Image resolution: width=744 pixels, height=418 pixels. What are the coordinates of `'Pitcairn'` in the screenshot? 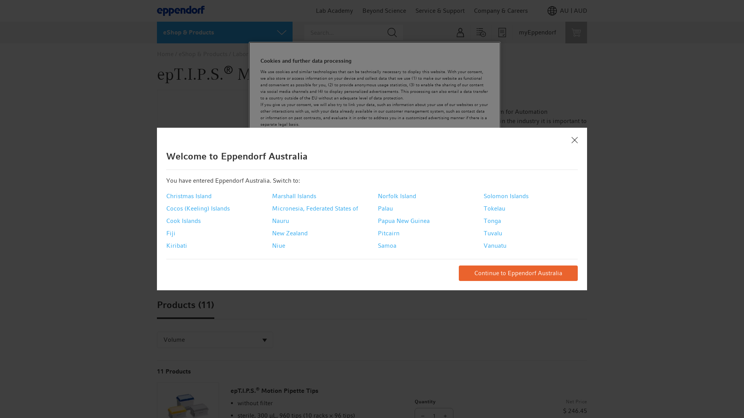 It's located at (389, 233).